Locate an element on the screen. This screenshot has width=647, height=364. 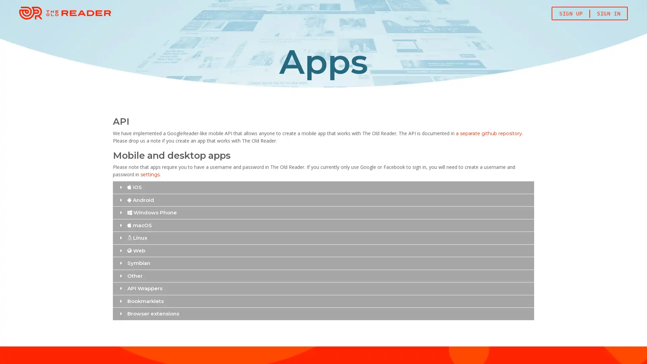
Windows Phone is located at coordinates (323, 213).